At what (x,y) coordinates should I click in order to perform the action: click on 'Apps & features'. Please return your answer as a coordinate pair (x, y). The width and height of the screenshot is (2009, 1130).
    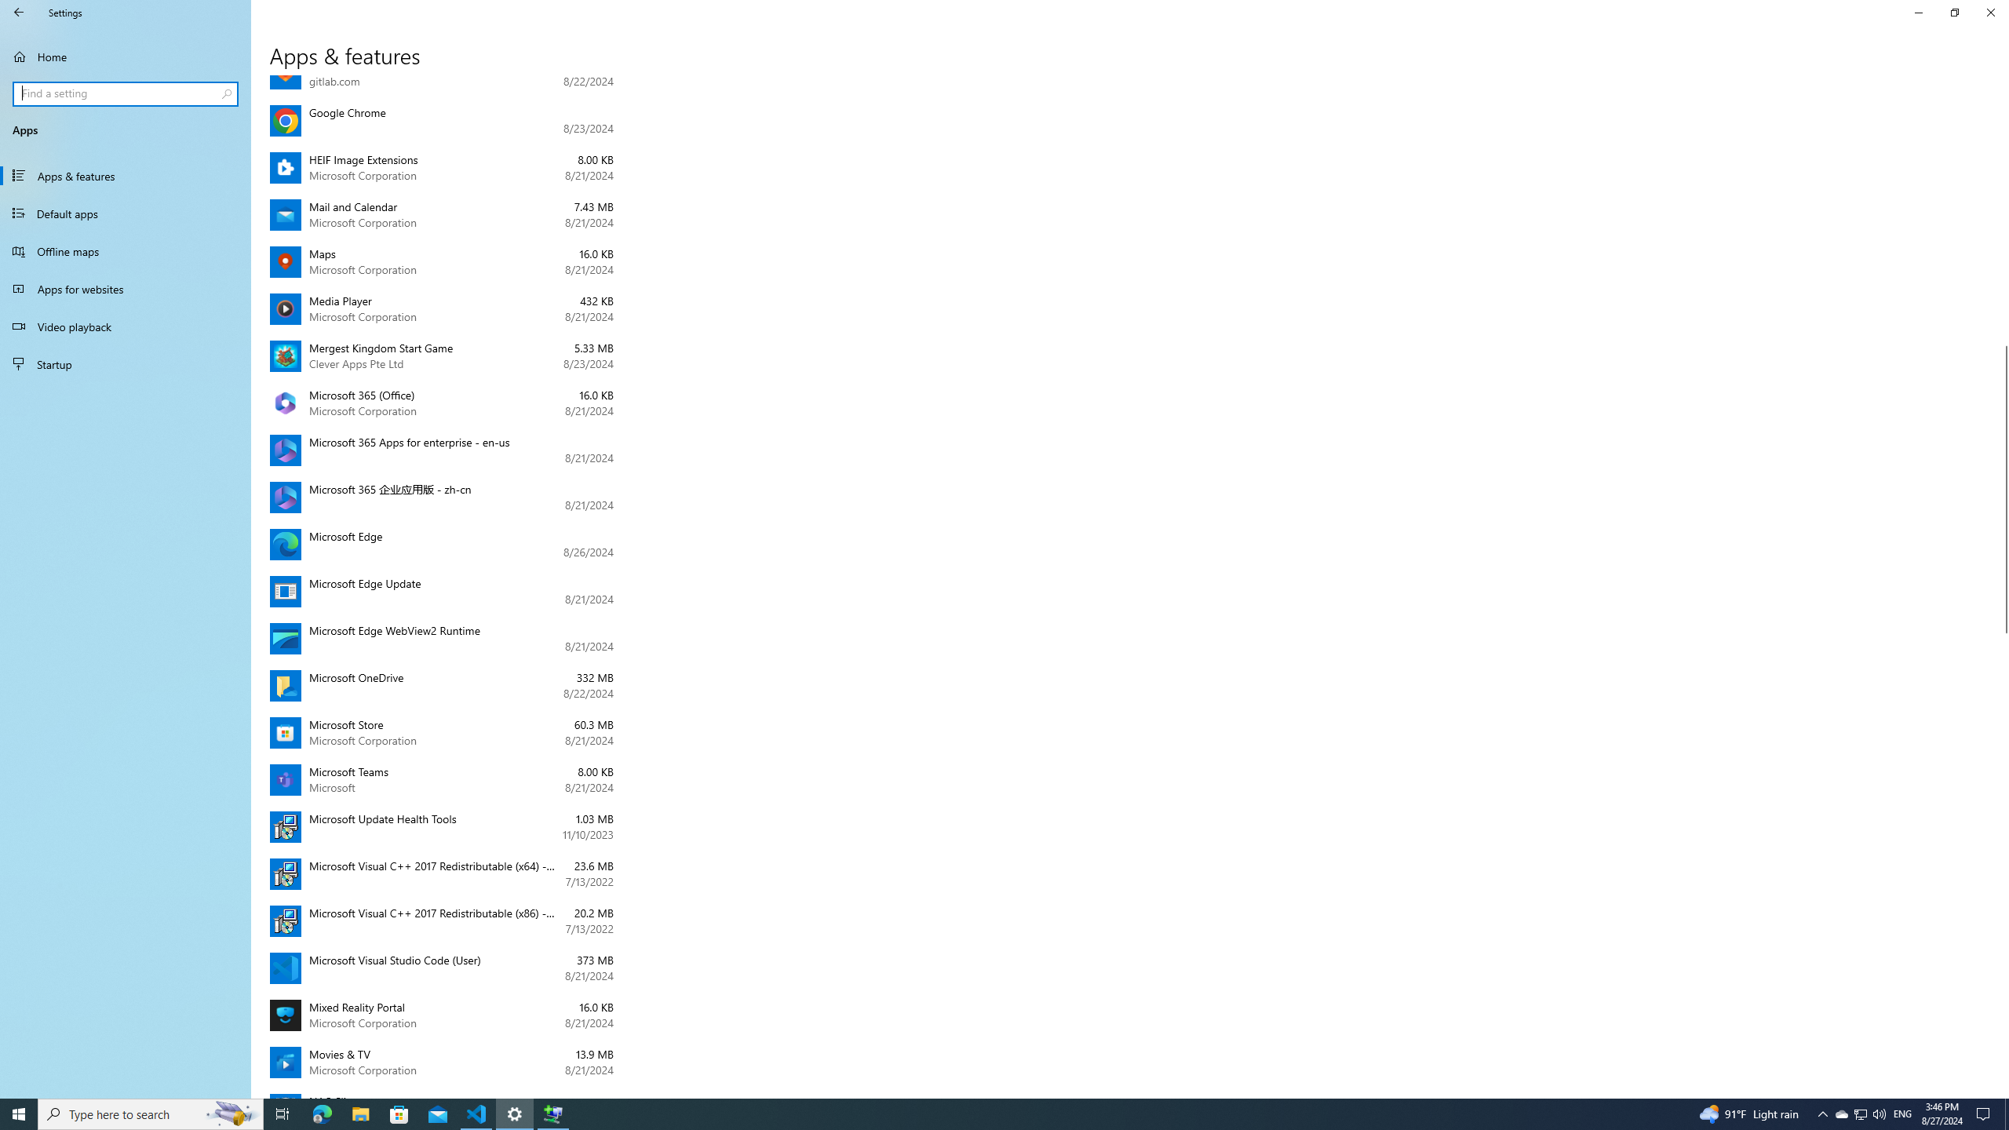
    Looking at the image, I should click on (125, 174).